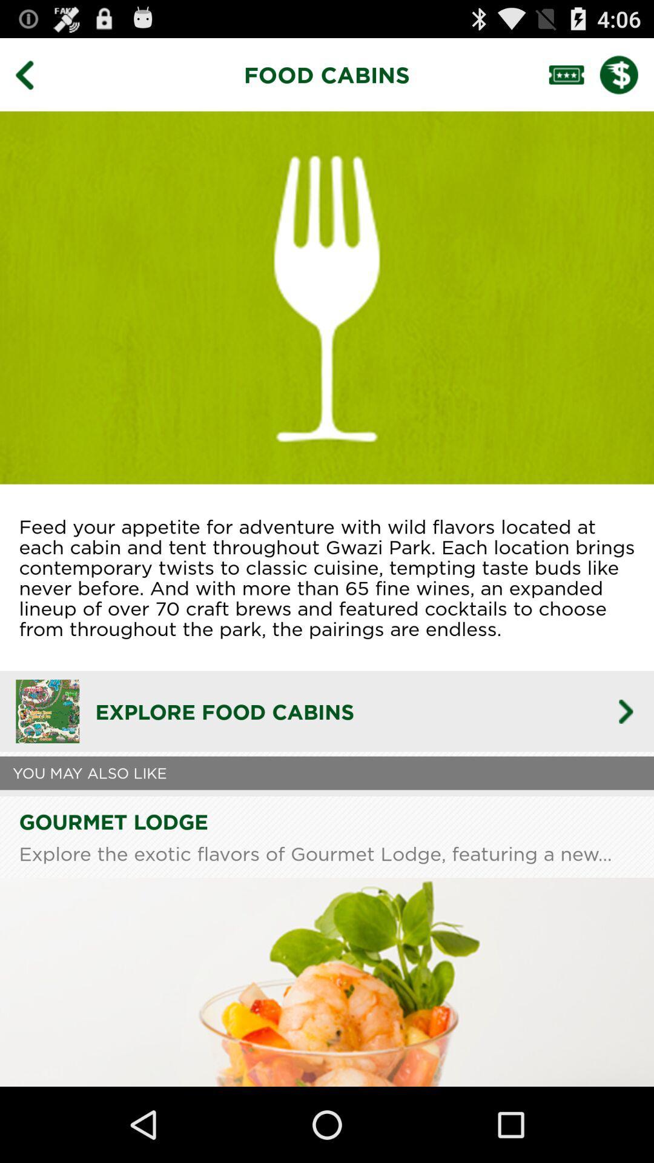 The height and width of the screenshot is (1163, 654). What do you see at coordinates (33, 74) in the screenshot?
I see `icon next to food cabins` at bounding box center [33, 74].